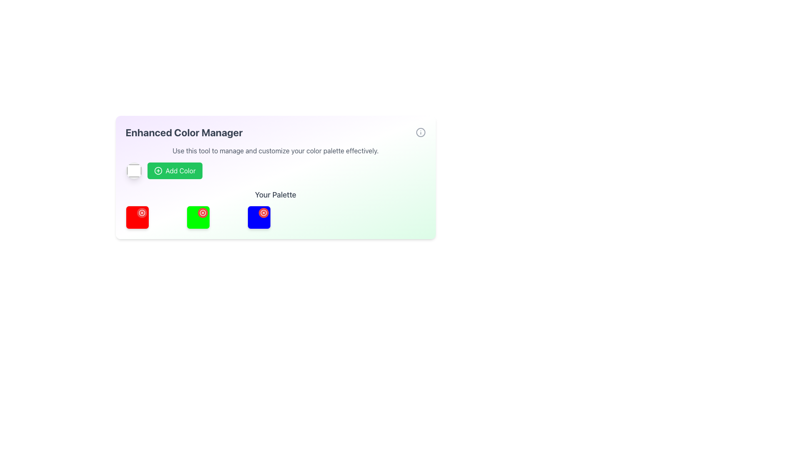 The image size is (800, 450). What do you see at coordinates (420, 132) in the screenshot?
I see `the circular information icon outlined in gray at the top-right corner of the 'Enhanced Color Manager' section` at bounding box center [420, 132].